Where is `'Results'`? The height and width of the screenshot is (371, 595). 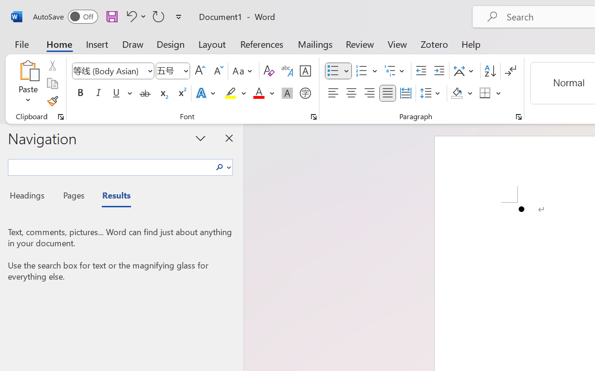
'Results' is located at coordinates (112, 197).